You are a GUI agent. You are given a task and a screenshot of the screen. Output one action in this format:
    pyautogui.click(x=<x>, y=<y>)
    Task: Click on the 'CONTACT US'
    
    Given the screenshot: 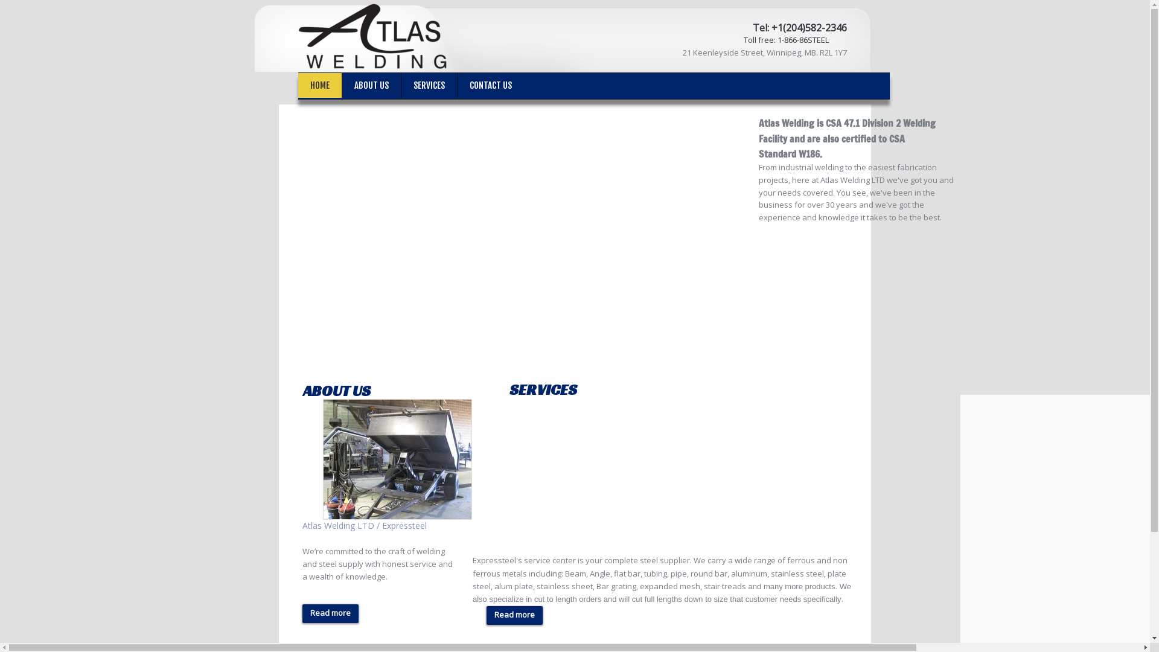 What is the action you would take?
    pyautogui.click(x=490, y=85)
    